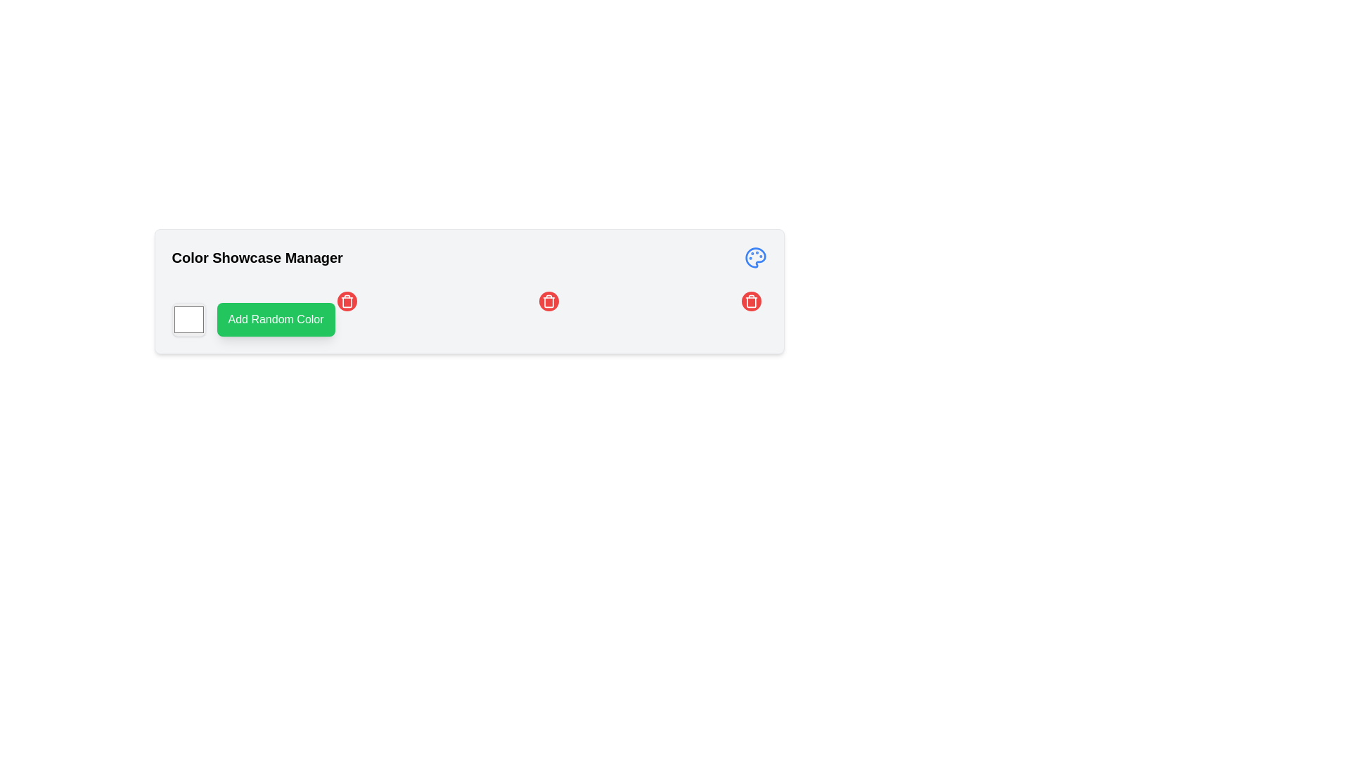 The image size is (1350, 759). What do you see at coordinates (750, 300) in the screenshot?
I see `the trash can icon with a red background located in the top-right corner of its circular button` at bounding box center [750, 300].